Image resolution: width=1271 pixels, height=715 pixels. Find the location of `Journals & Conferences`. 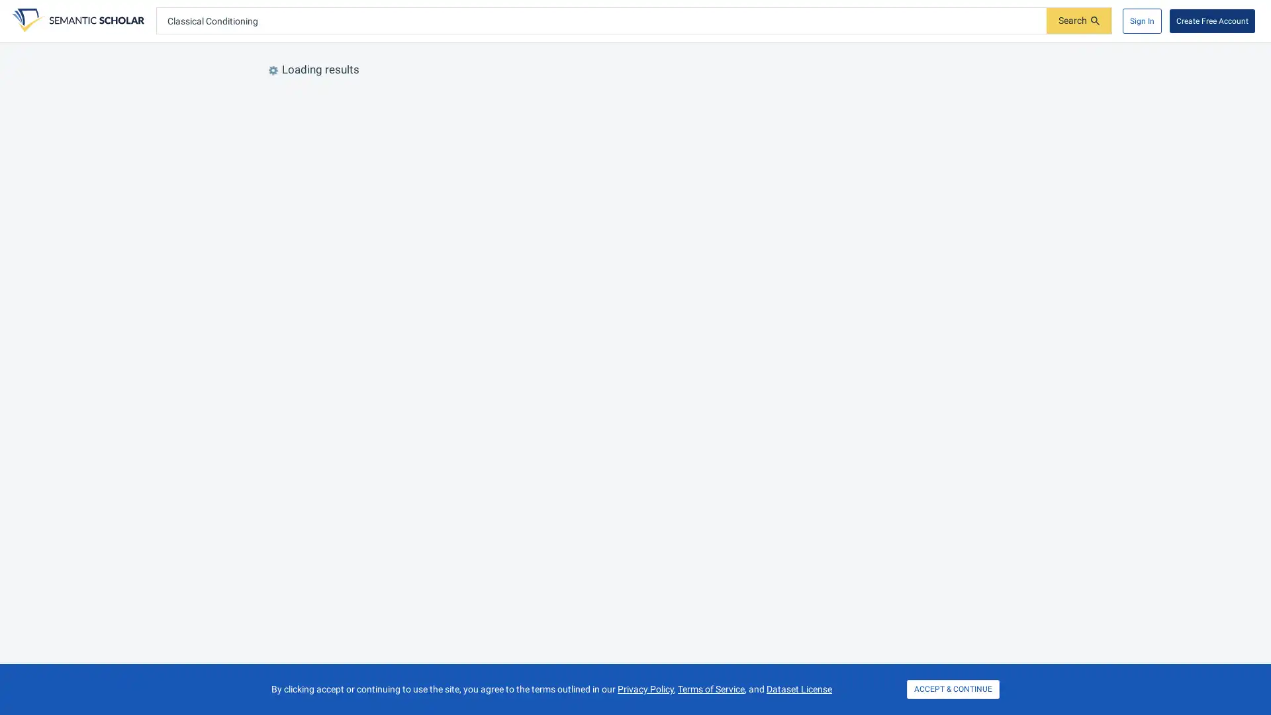

Journals & Conferences is located at coordinates (711, 104).